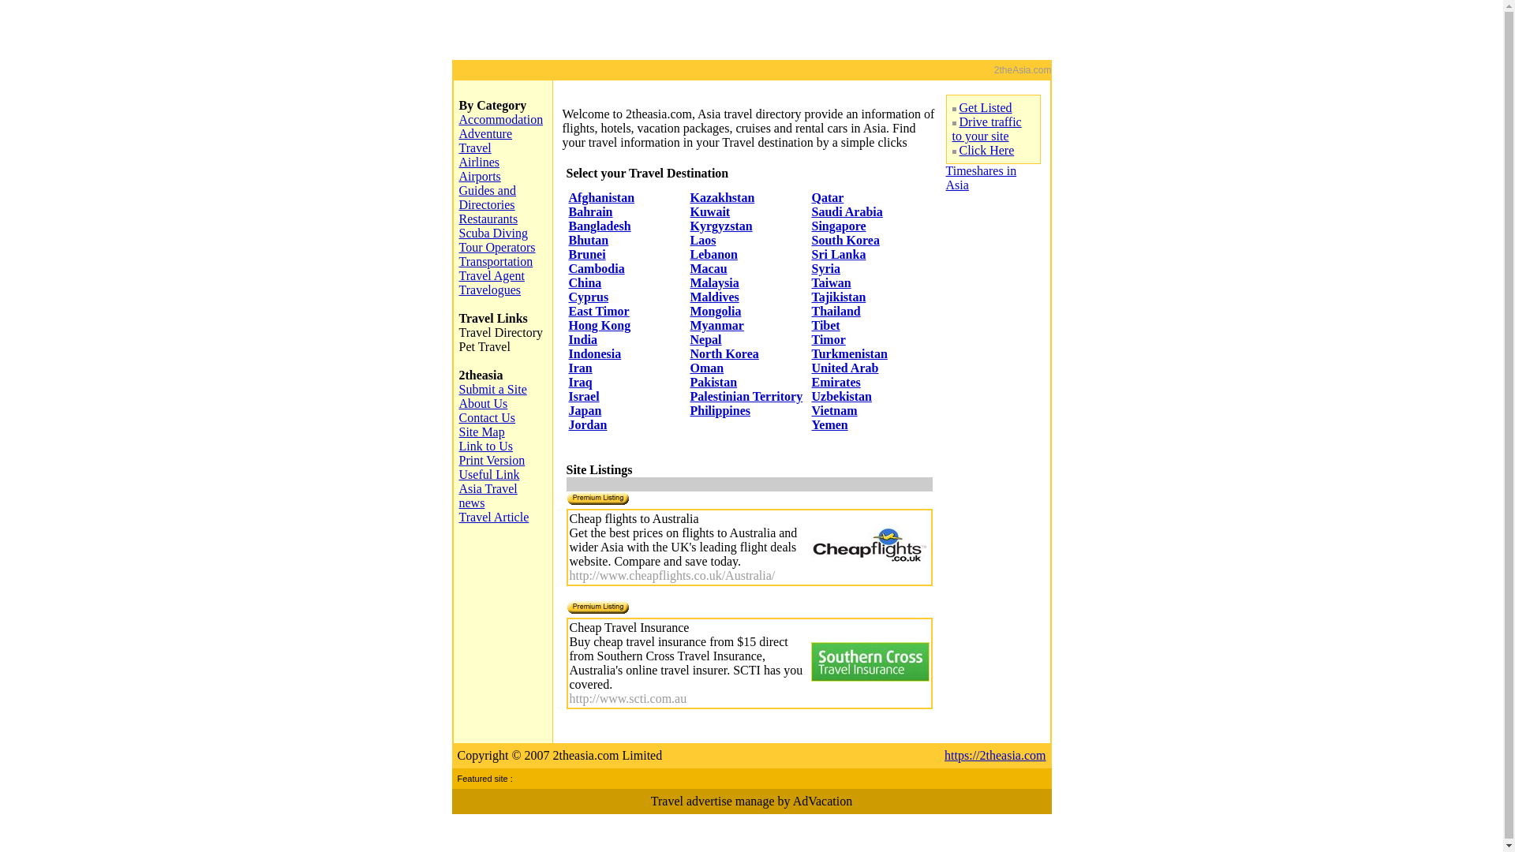 This screenshot has height=852, width=1515. Describe the element at coordinates (598, 324) in the screenshot. I see `'Hong Kong'` at that location.